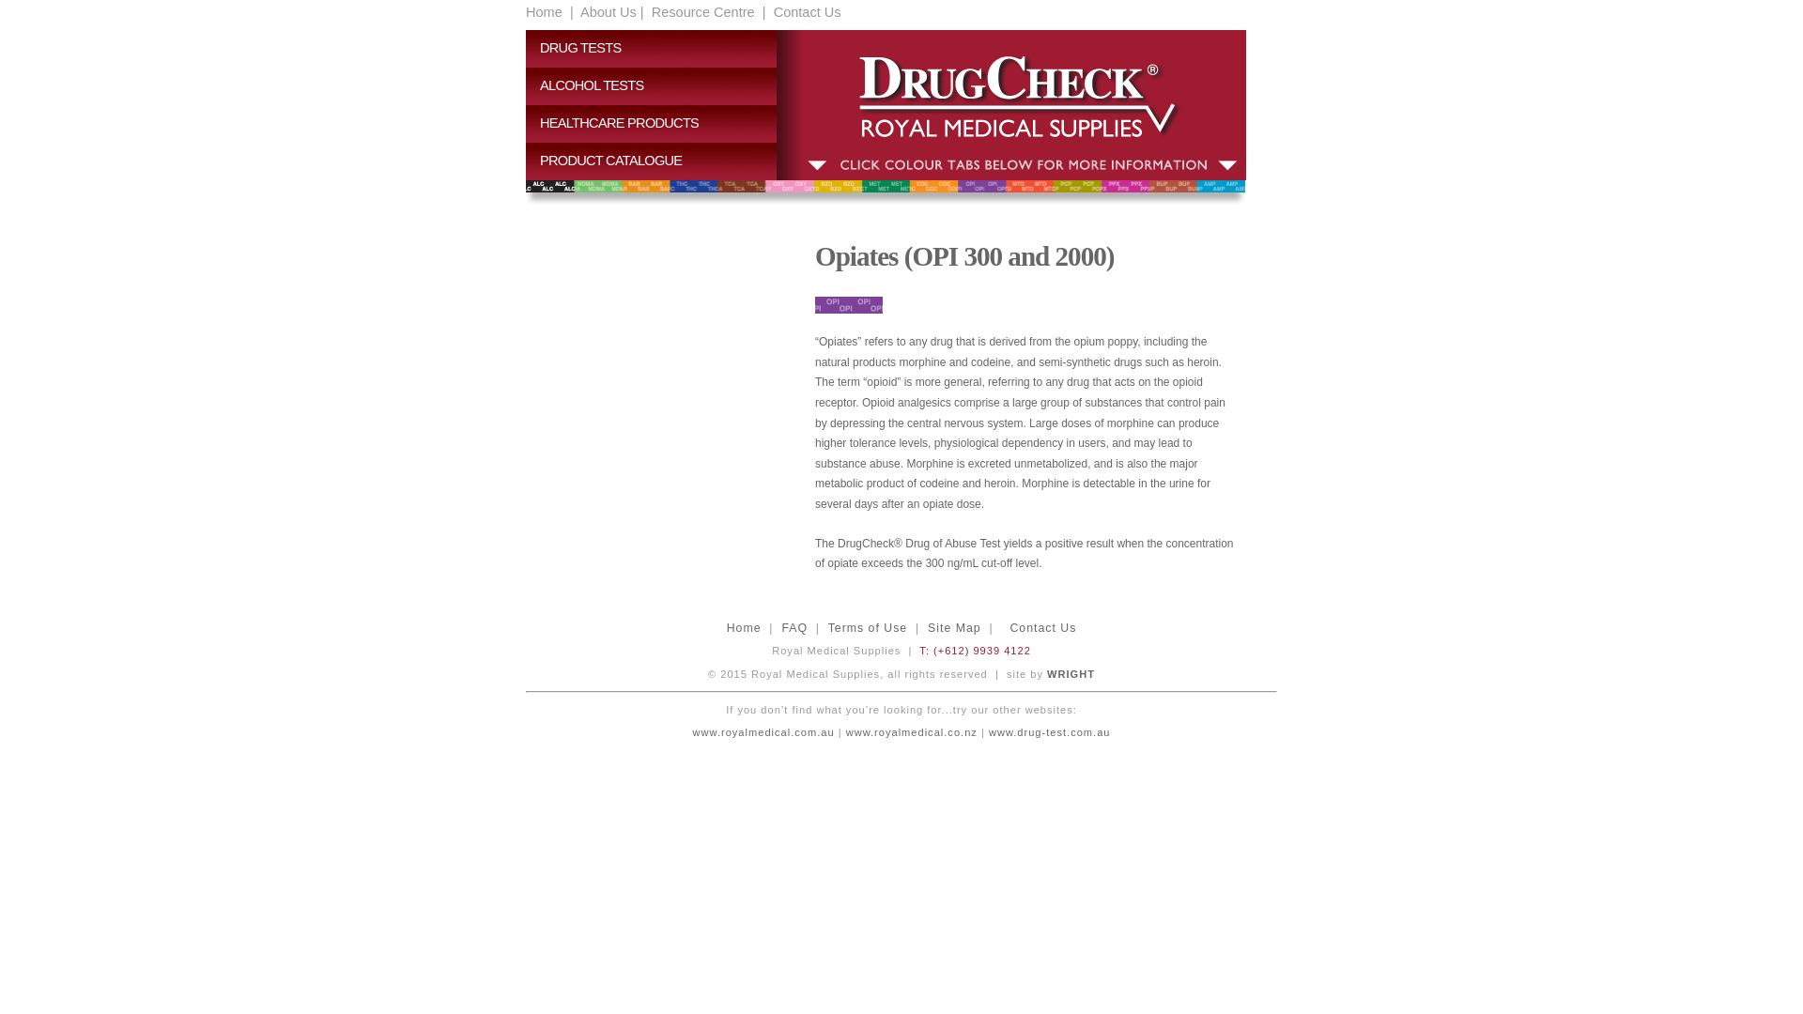 The image size is (1803, 1014). What do you see at coordinates (659, 161) in the screenshot?
I see `'PRODUCT CATALOGUE'` at bounding box center [659, 161].